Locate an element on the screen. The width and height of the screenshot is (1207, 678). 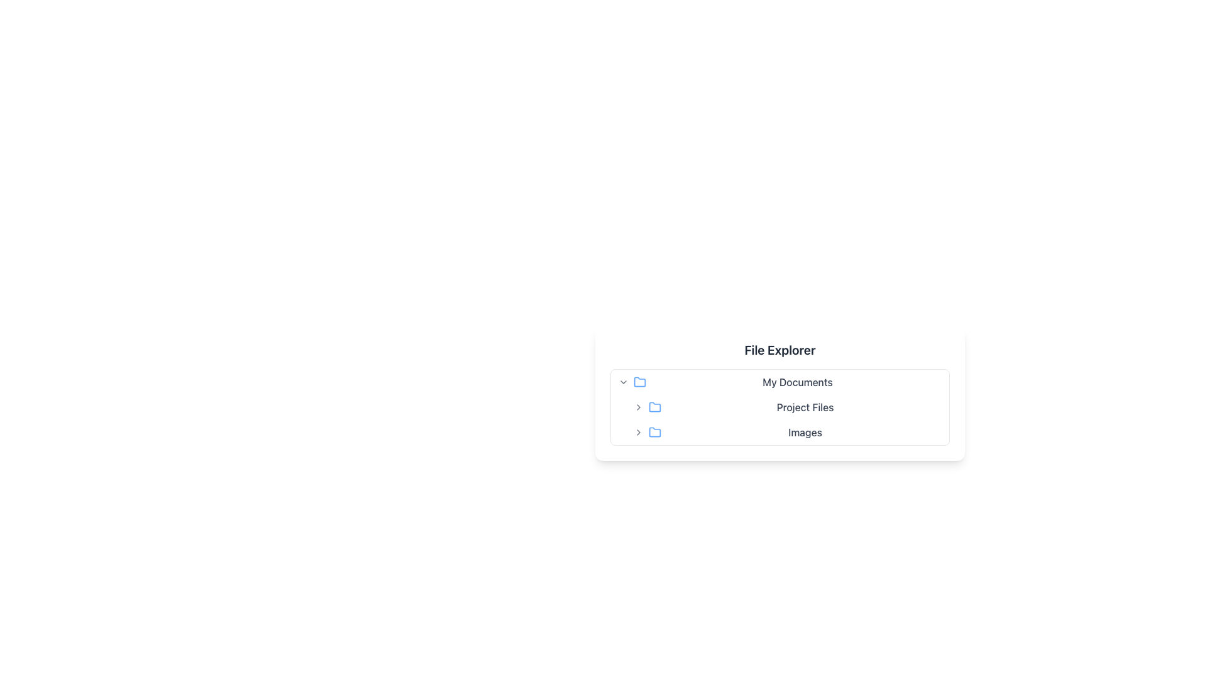
the small graphical folder icon with a blue outline that is located to the left of the text label 'My Documents' in the file explorer interface to associate it with its folder label is located at coordinates (639, 381).